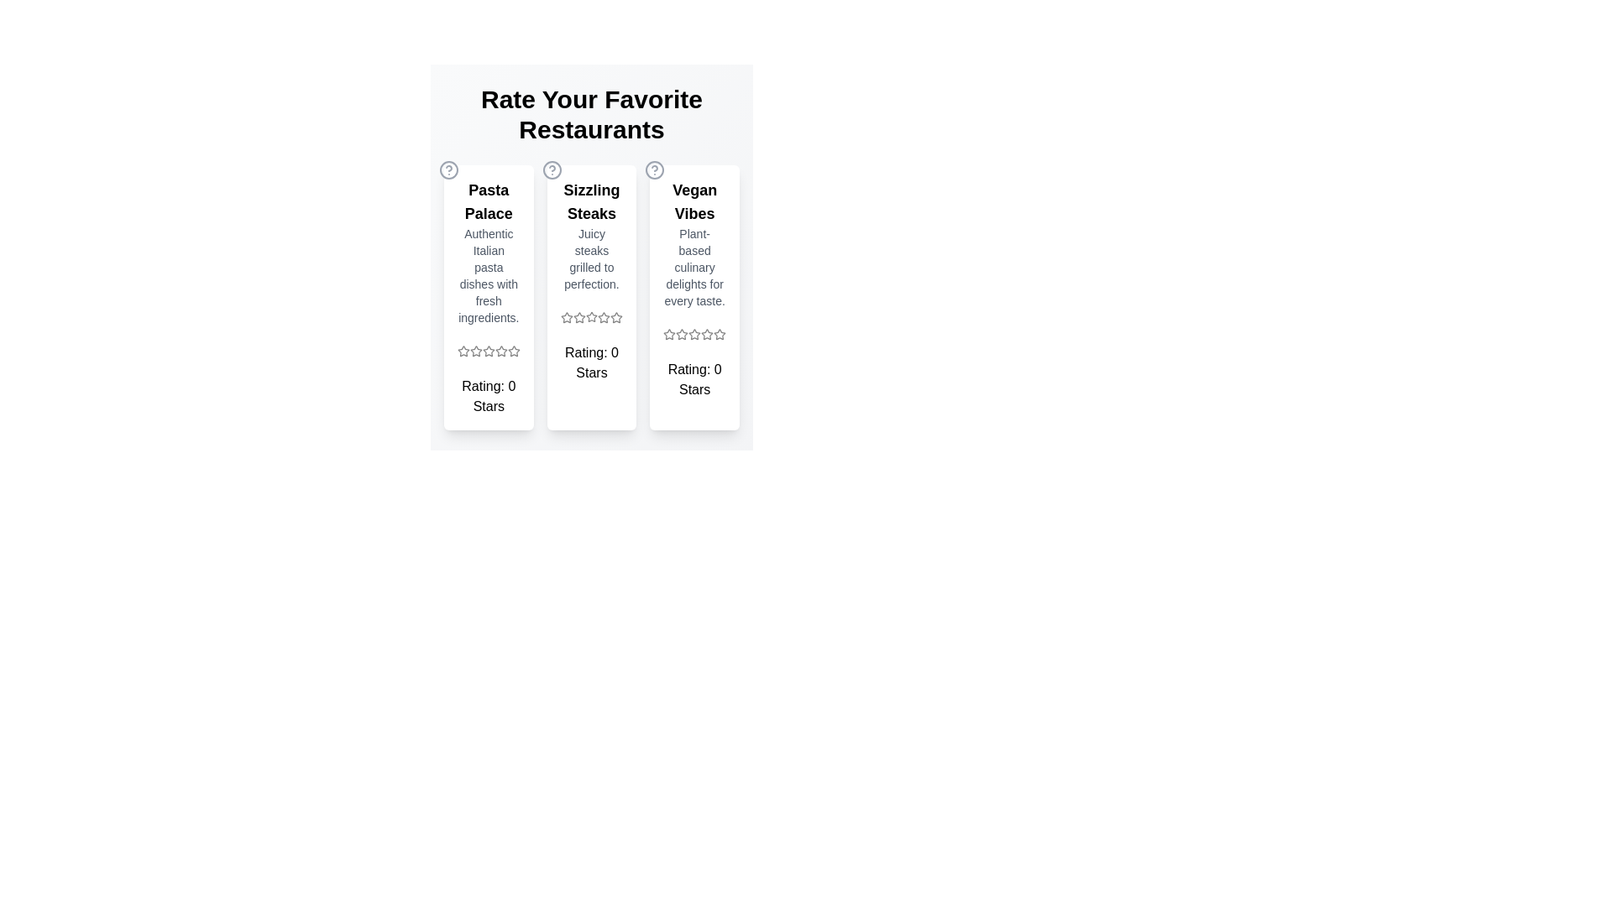 Image resolution: width=1612 pixels, height=906 pixels. What do you see at coordinates (720, 334) in the screenshot?
I see `the star icon for 5 stars in the Vegan Vibes section` at bounding box center [720, 334].